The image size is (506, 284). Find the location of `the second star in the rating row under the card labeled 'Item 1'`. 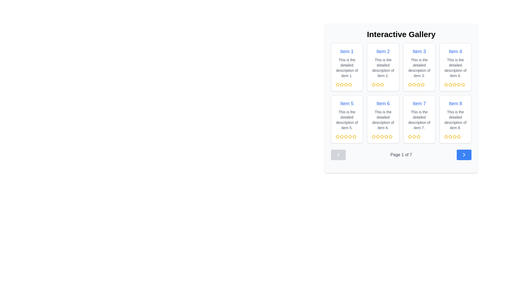

the second star in the rating row under the card labeled 'Item 1' is located at coordinates (346, 84).